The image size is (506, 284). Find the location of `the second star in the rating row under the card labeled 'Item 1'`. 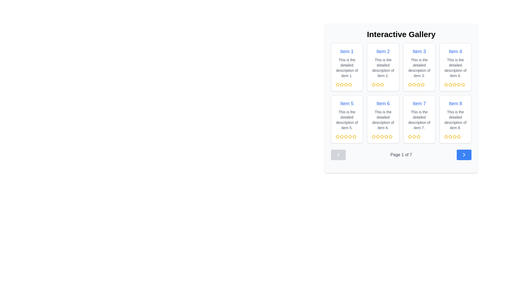

the second star in the rating row under the card labeled 'Item 1' is located at coordinates (346, 84).